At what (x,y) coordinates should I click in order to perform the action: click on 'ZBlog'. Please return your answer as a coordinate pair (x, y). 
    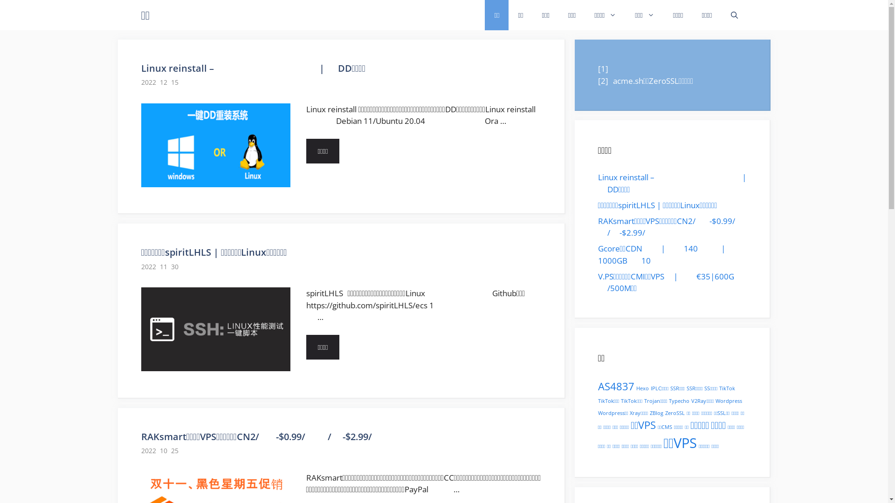
    Looking at the image, I should click on (656, 413).